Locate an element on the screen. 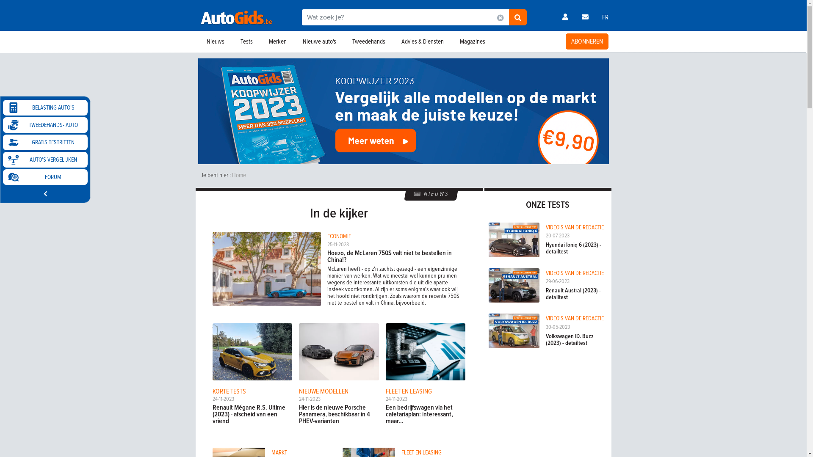 Image resolution: width=813 pixels, height=457 pixels. 'Tests' is located at coordinates (232, 41).